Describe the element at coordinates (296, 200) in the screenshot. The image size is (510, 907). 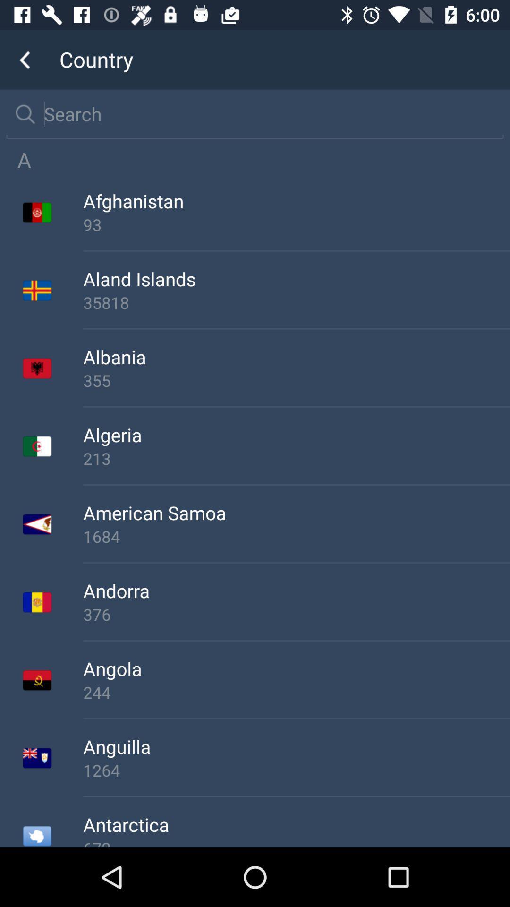
I see `afghanistan app` at that location.